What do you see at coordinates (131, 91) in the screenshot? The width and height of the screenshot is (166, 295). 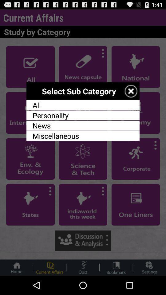 I see `exit selection of sub category` at bounding box center [131, 91].